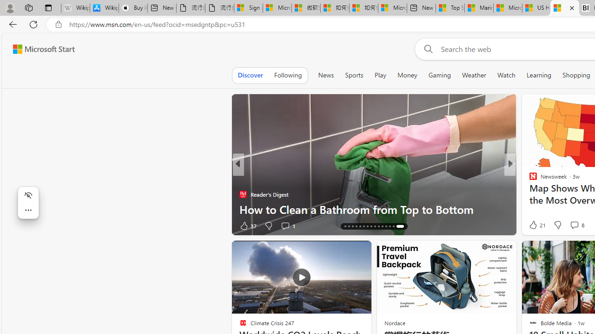 Image resolution: width=595 pixels, height=334 pixels. I want to click on 'Learning', so click(539, 75).